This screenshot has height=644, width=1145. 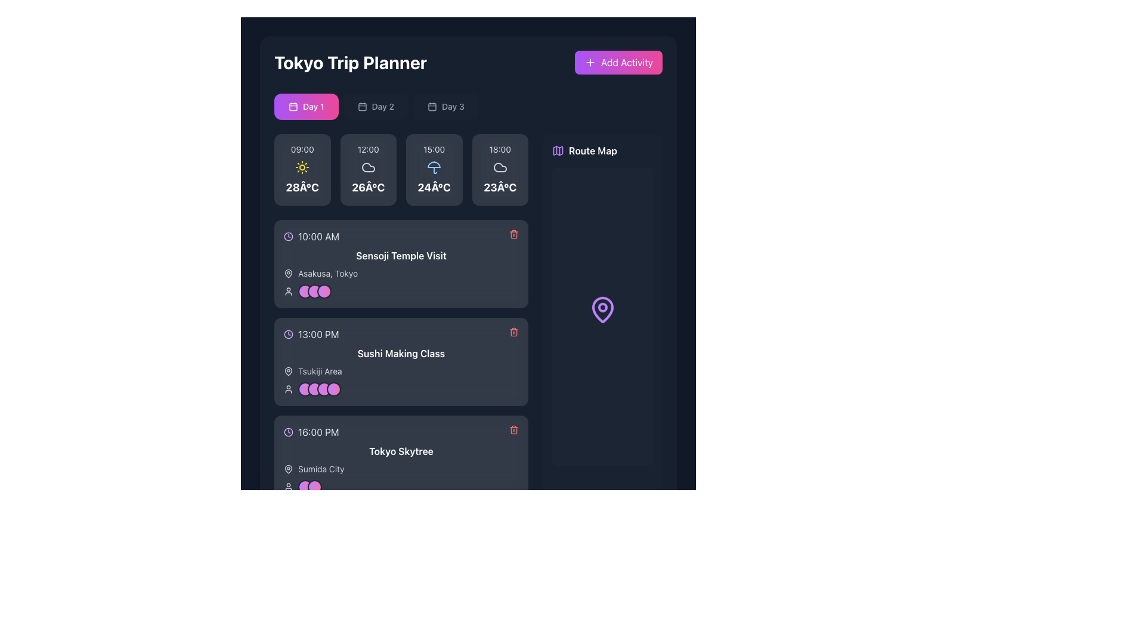 What do you see at coordinates (315, 487) in the screenshot?
I see `the second circular avatar with a gradient fill transitioning from purple to pink, which is enclosed by a gray border, located under the text 'Sushi Making Class'` at bounding box center [315, 487].